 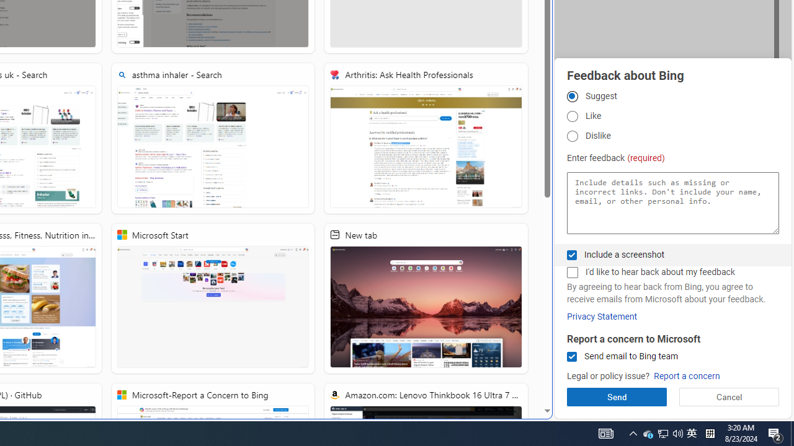 I want to click on 'Report a concern', so click(x=686, y=375).